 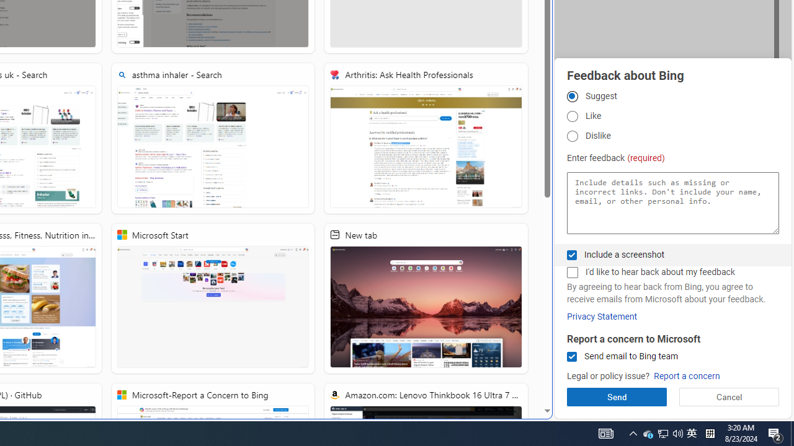 I want to click on 'Report a concern', so click(x=686, y=375).